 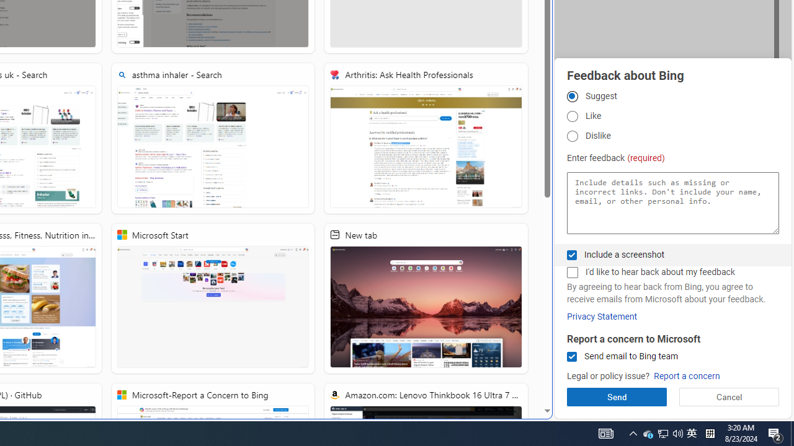 I want to click on 'Report a concern', so click(x=686, y=375).